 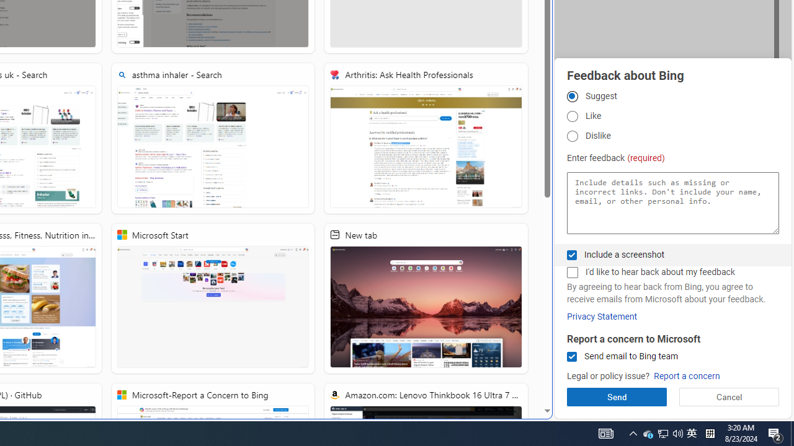 I want to click on 'Report a concern', so click(x=686, y=375).